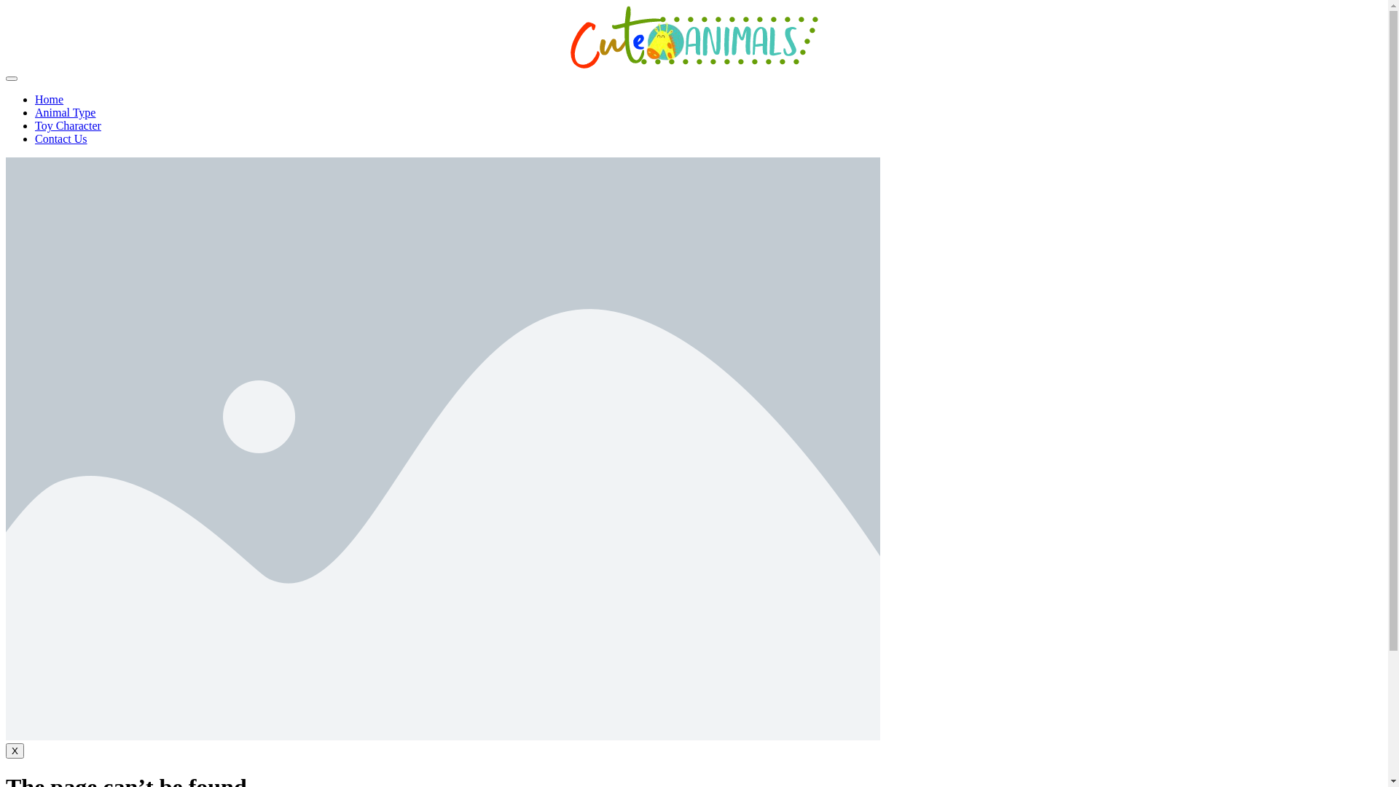 The image size is (1399, 787). What do you see at coordinates (15, 751) in the screenshot?
I see `'X'` at bounding box center [15, 751].